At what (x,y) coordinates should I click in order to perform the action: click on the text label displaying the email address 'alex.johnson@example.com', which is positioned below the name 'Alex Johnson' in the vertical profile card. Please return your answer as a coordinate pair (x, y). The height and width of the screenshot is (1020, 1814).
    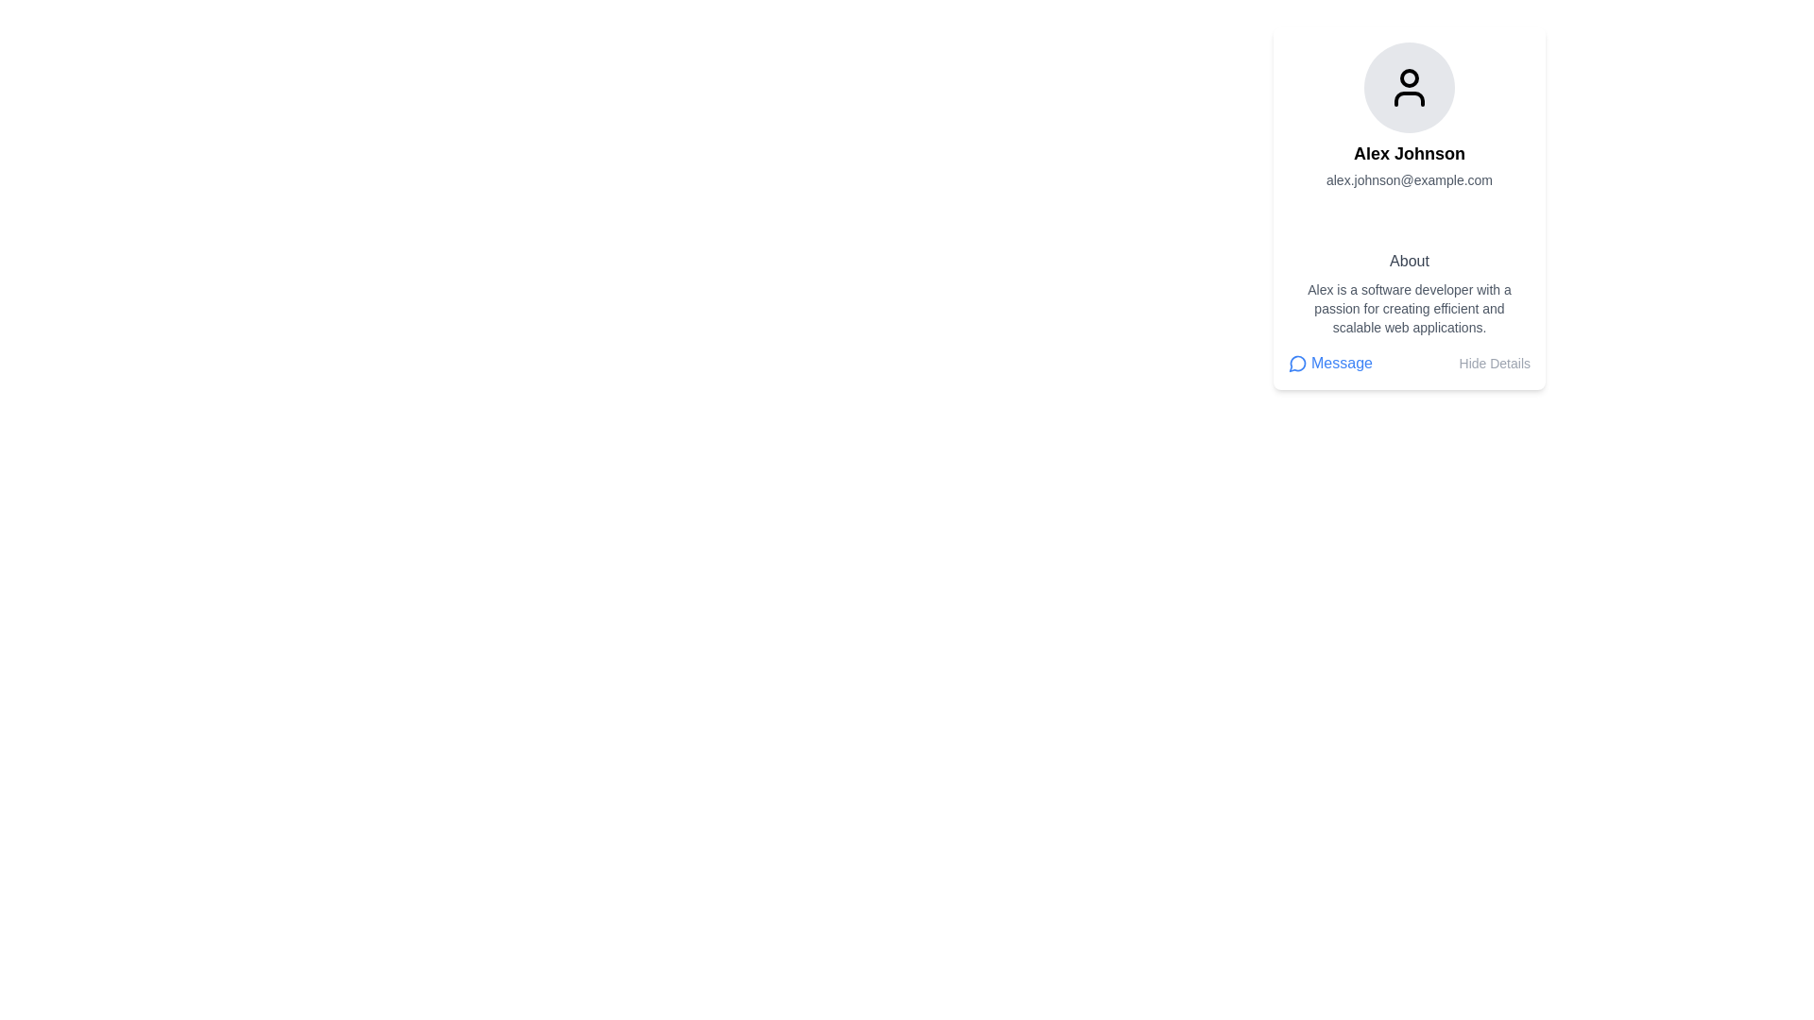
    Looking at the image, I should click on (1410, 180).